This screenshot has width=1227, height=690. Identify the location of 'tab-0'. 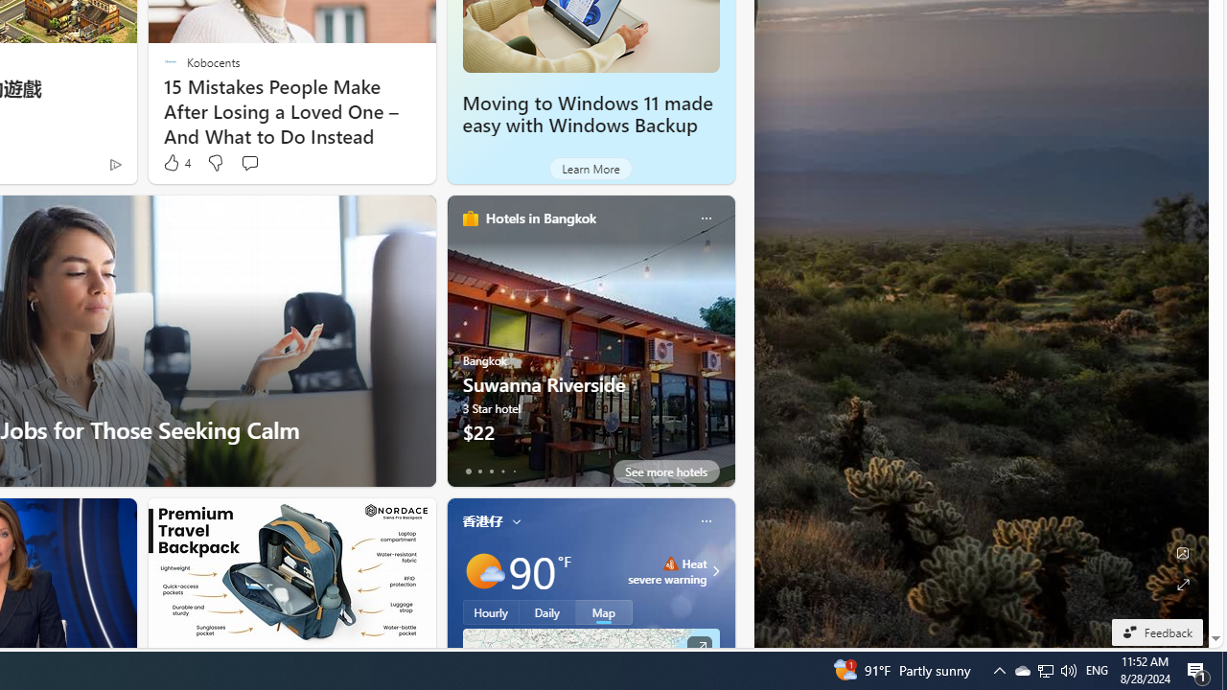
(468, 471).